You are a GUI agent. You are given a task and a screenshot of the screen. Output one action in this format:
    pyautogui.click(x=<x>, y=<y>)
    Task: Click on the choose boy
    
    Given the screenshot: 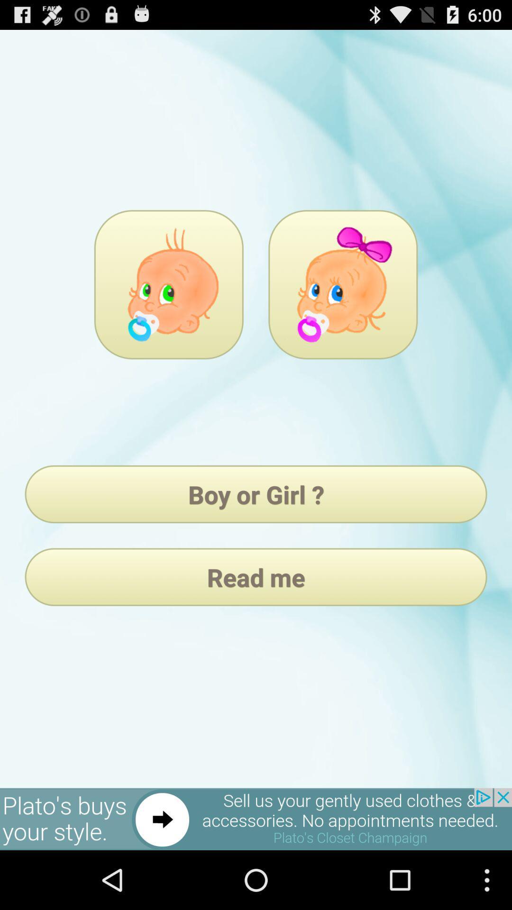 What is the action you would take?
    pyautogui.click(x=168, y=284)
    